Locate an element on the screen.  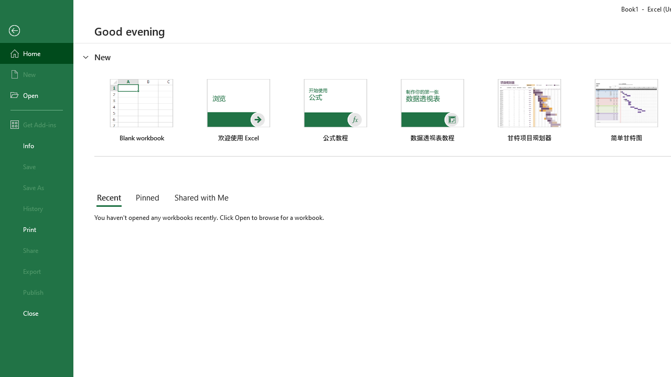
'Blank workbook' is located at coordinates (141, 110).